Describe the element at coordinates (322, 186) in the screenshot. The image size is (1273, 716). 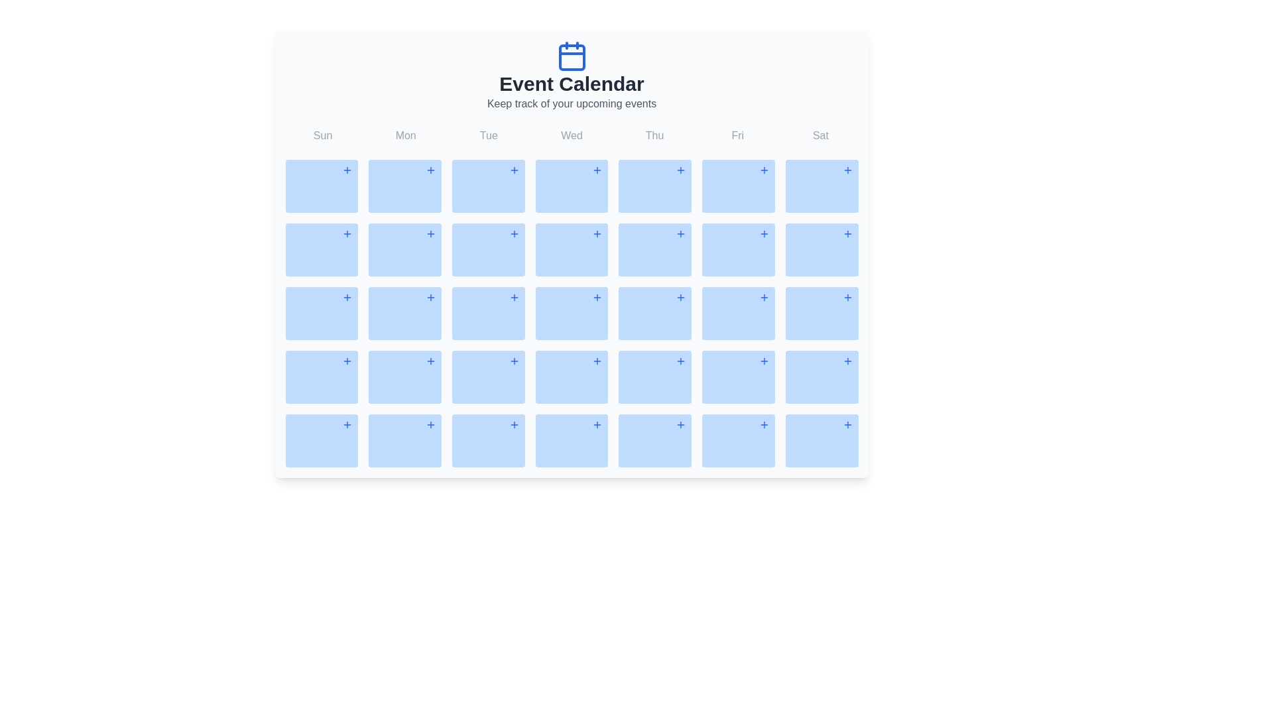
I see `the Interactive calendar cell for 'Sun'` at that location.